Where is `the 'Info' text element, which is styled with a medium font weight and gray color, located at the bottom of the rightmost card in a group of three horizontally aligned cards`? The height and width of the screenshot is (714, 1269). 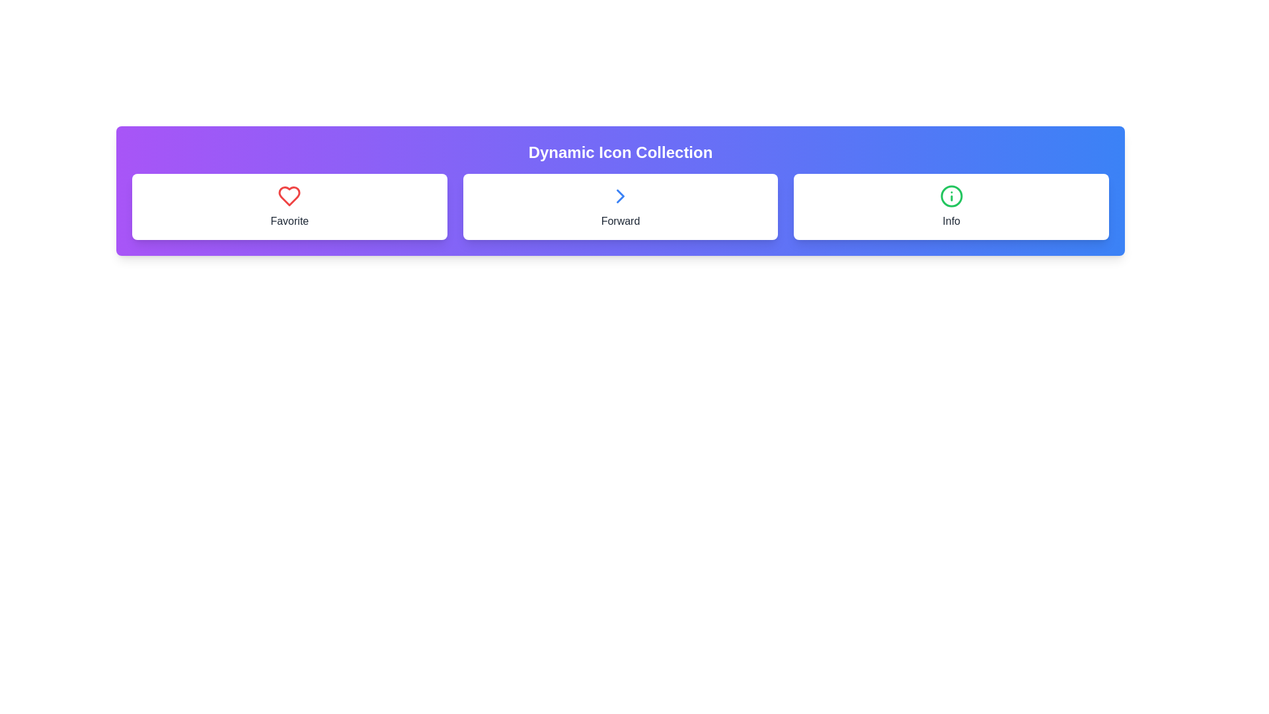
the 'Info' text element, which is styled with a medium font weight and gray color, located at the bottom of the rightmost card in a group of three horizontally aligned cards is located at coordinates (950, 221).